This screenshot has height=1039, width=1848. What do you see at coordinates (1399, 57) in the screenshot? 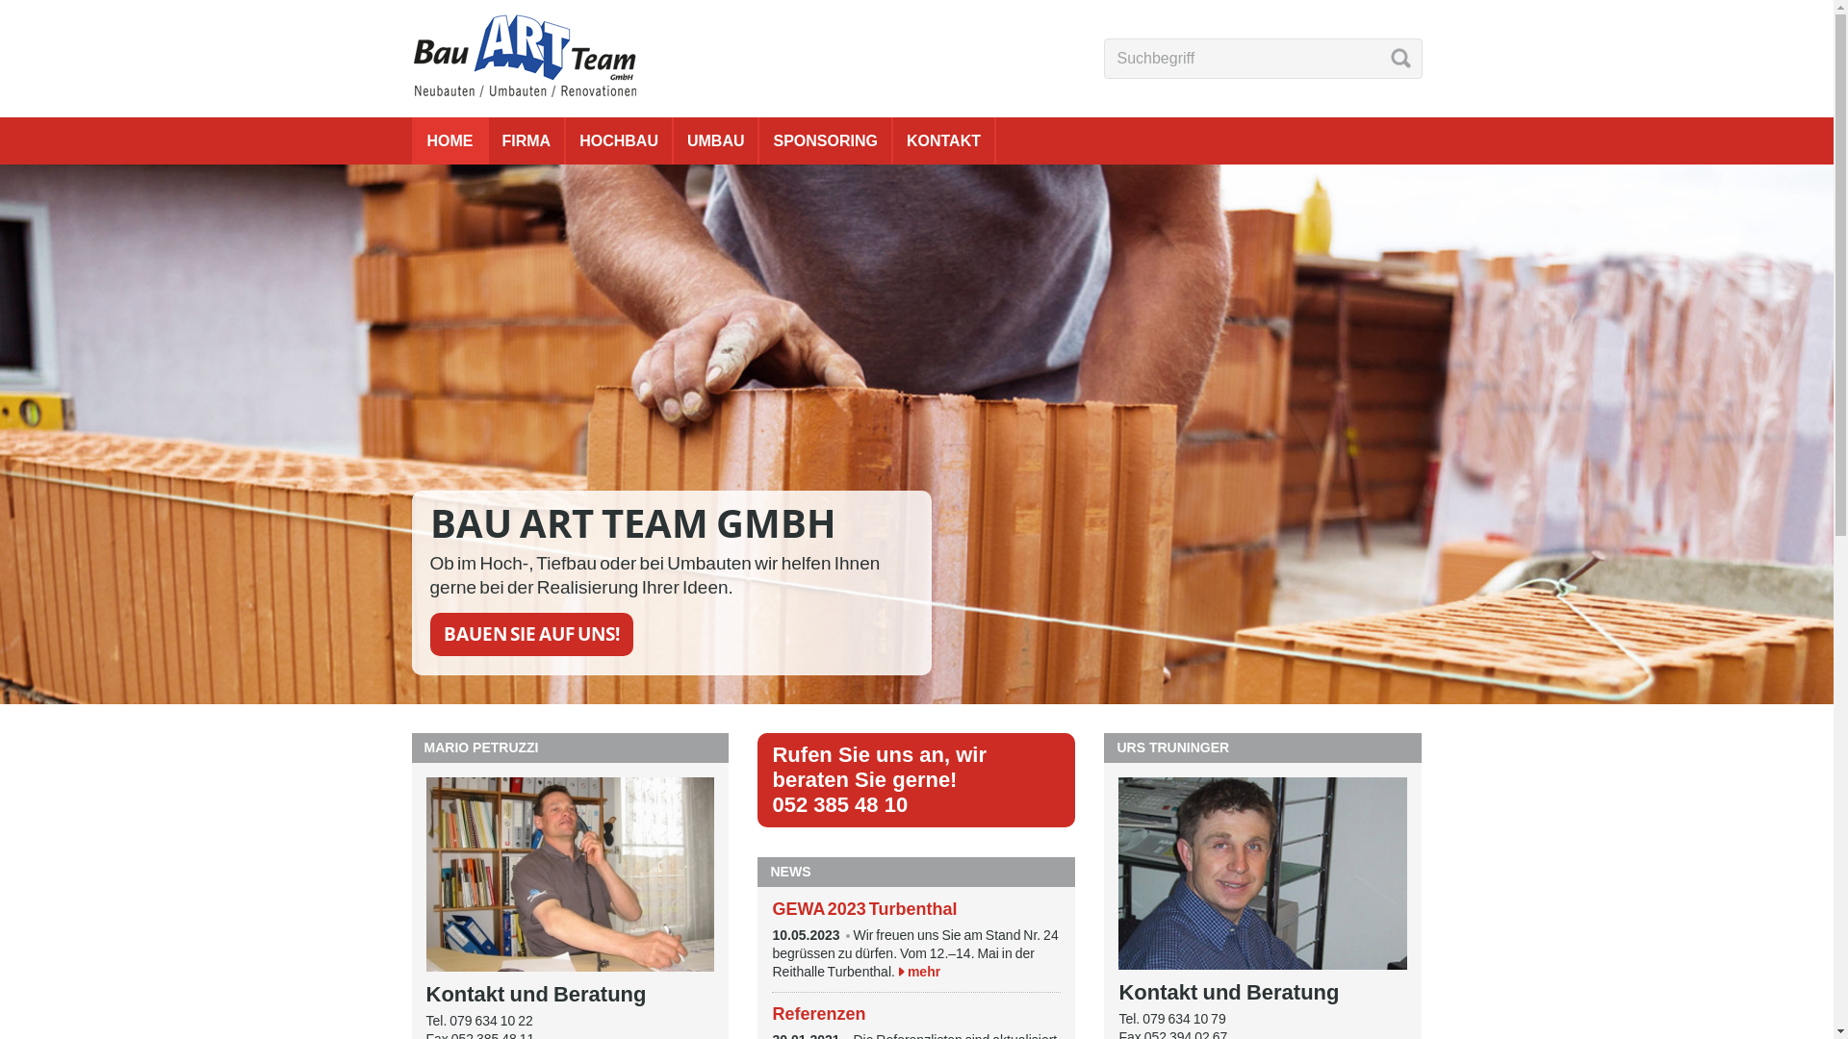
I see `'go'` at bounding box center [1399, 57].